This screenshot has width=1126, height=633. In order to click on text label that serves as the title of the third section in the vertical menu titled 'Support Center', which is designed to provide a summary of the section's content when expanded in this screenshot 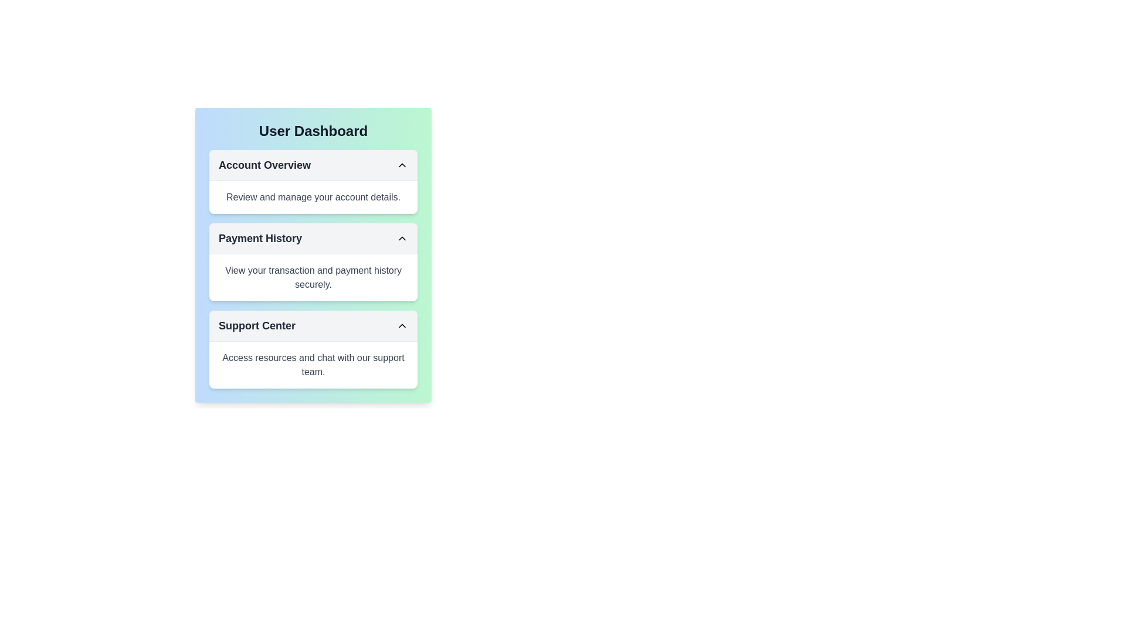, I will do `click(256, 325)`.